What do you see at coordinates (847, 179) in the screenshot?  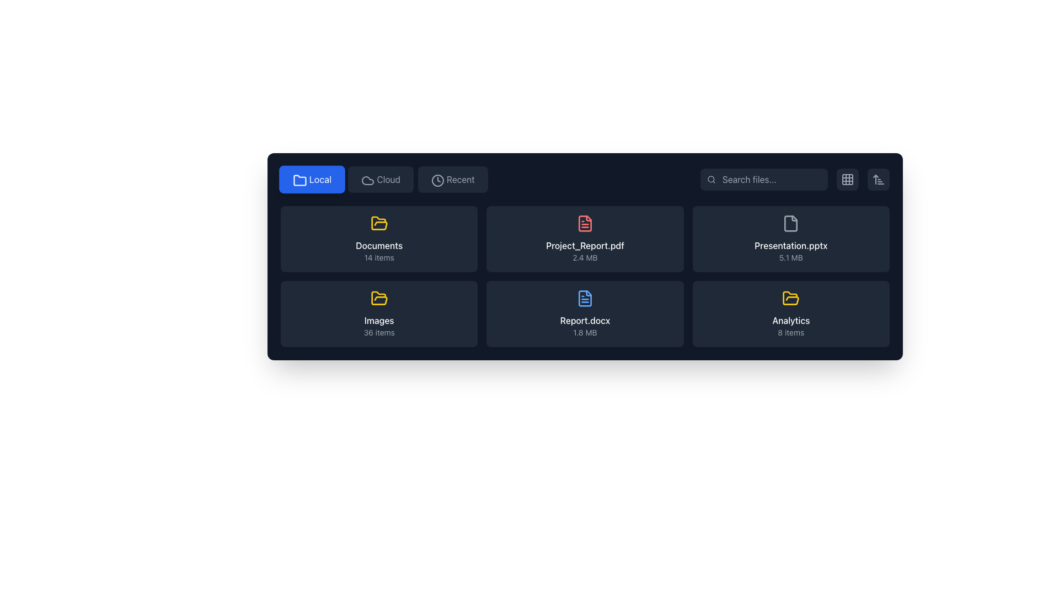 I see `the button that toggles the view layout to a grid arrangement, located on the far right of the search bar area` at bounding box center [847, 179].